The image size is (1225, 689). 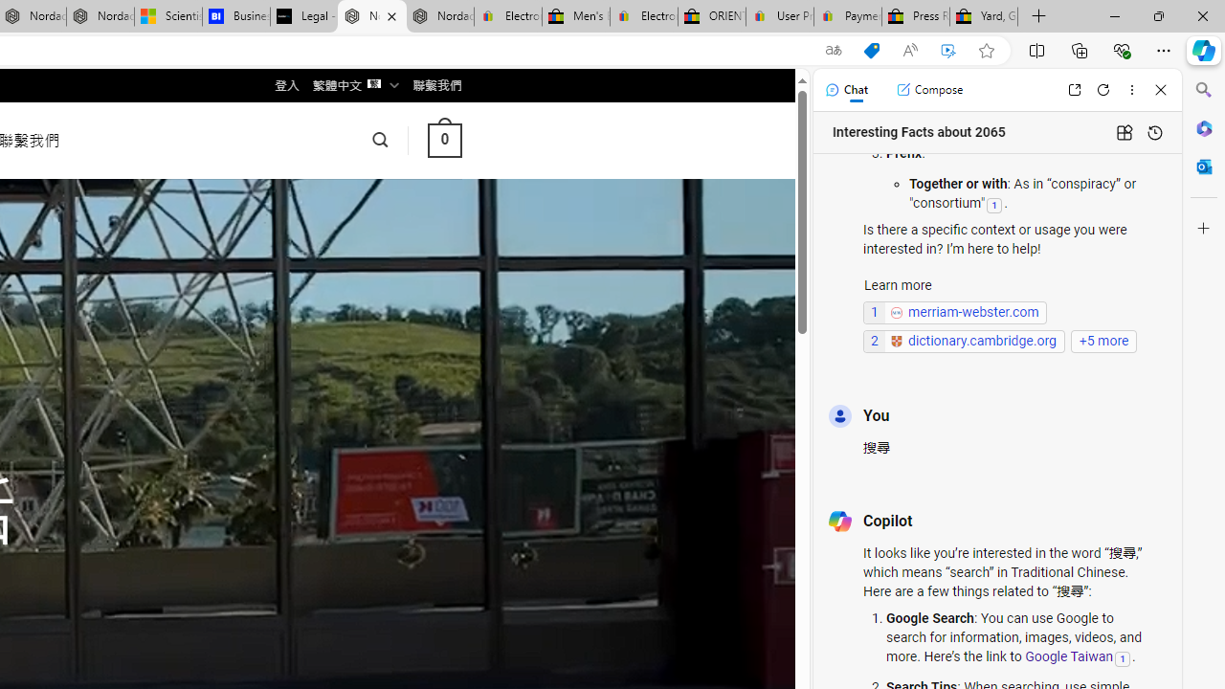 What do you see at coordinates (845, 89) in the screenshot?
I see `'Chat'` at bounding box center [845, 89].